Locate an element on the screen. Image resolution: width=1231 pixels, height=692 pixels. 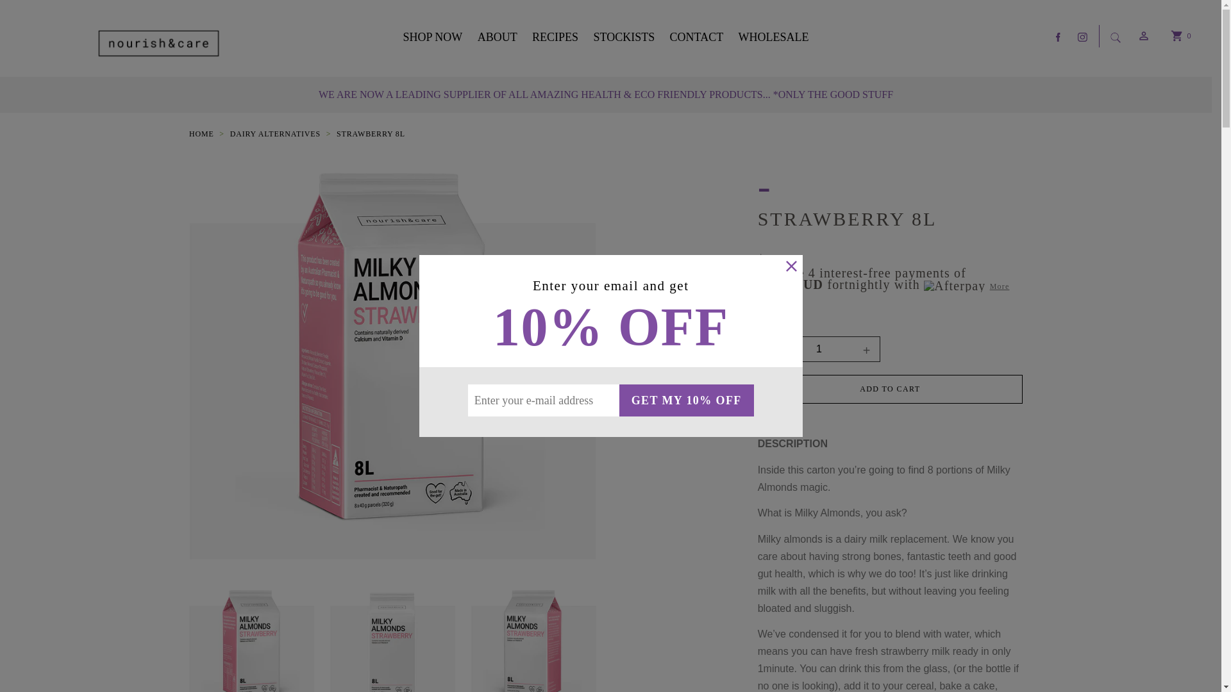
'GET MY 10% OFF' is located at coordinates (685, 399).